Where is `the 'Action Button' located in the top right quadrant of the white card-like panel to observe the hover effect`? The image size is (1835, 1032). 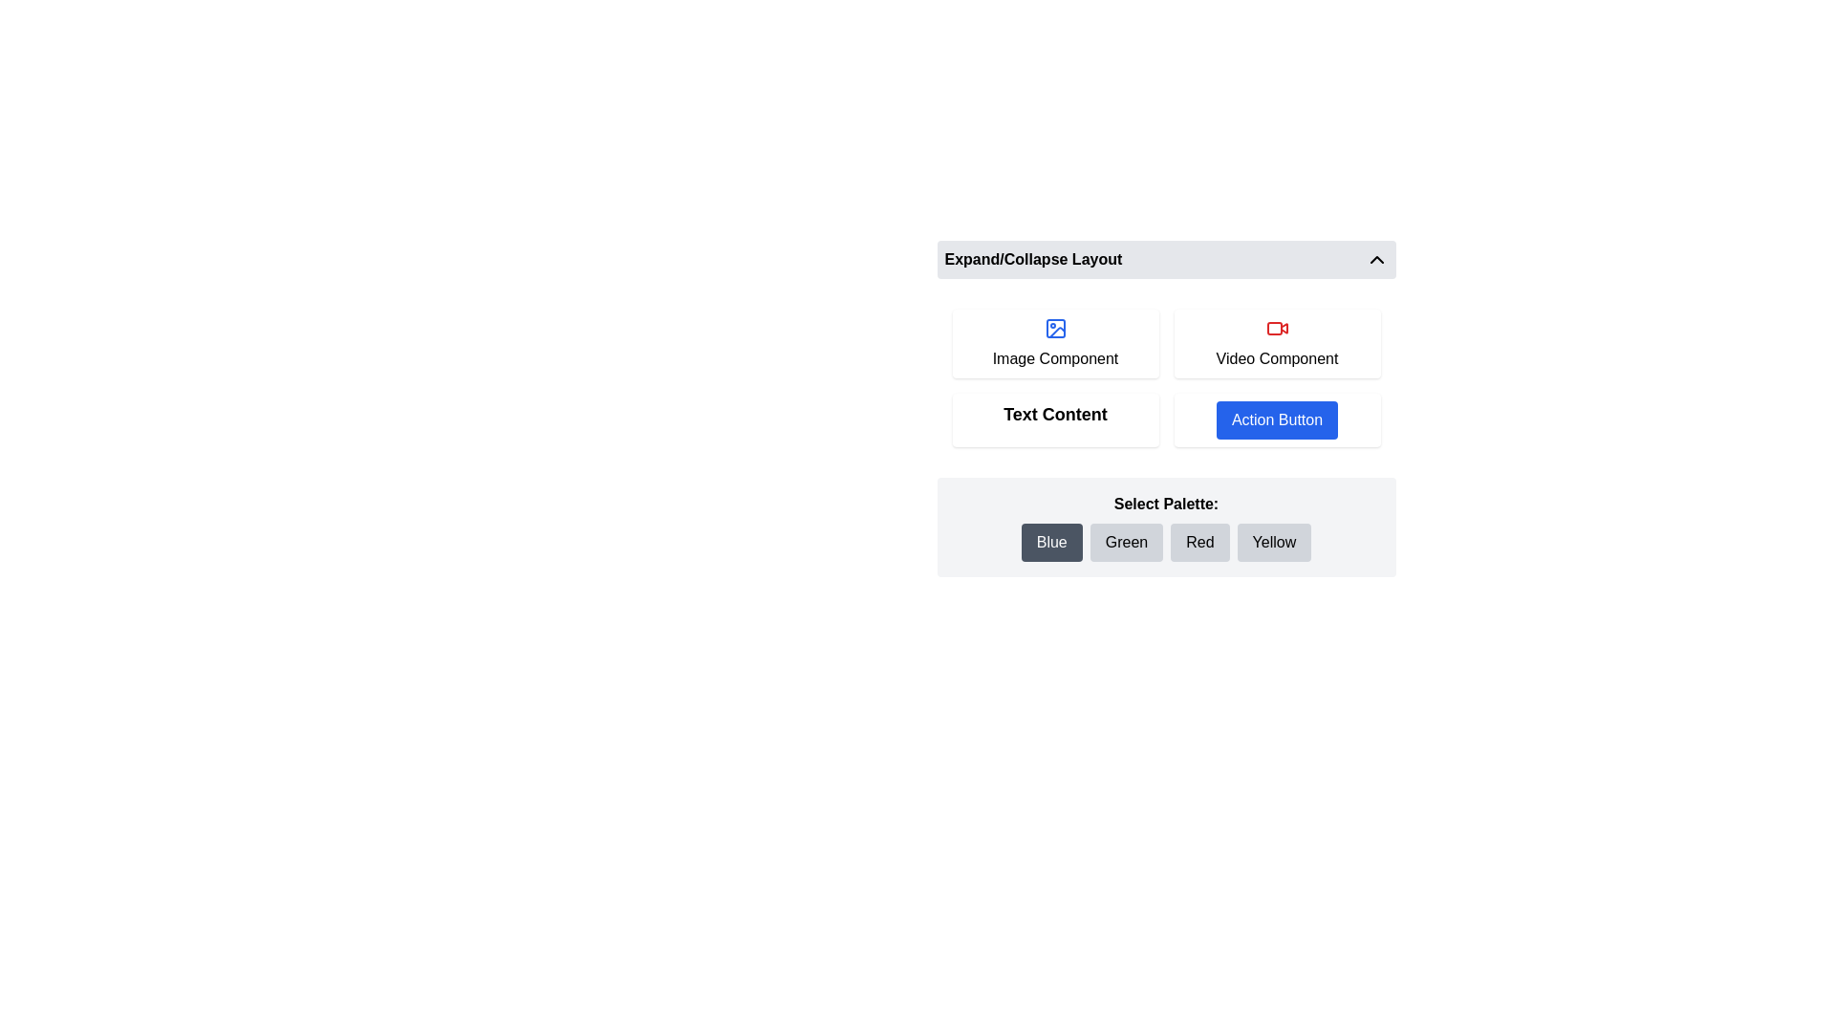 the 'Action Button' located in the top right quadrant of the white card-like panel to observe the hover effect is located at coordinates (1277, 419).